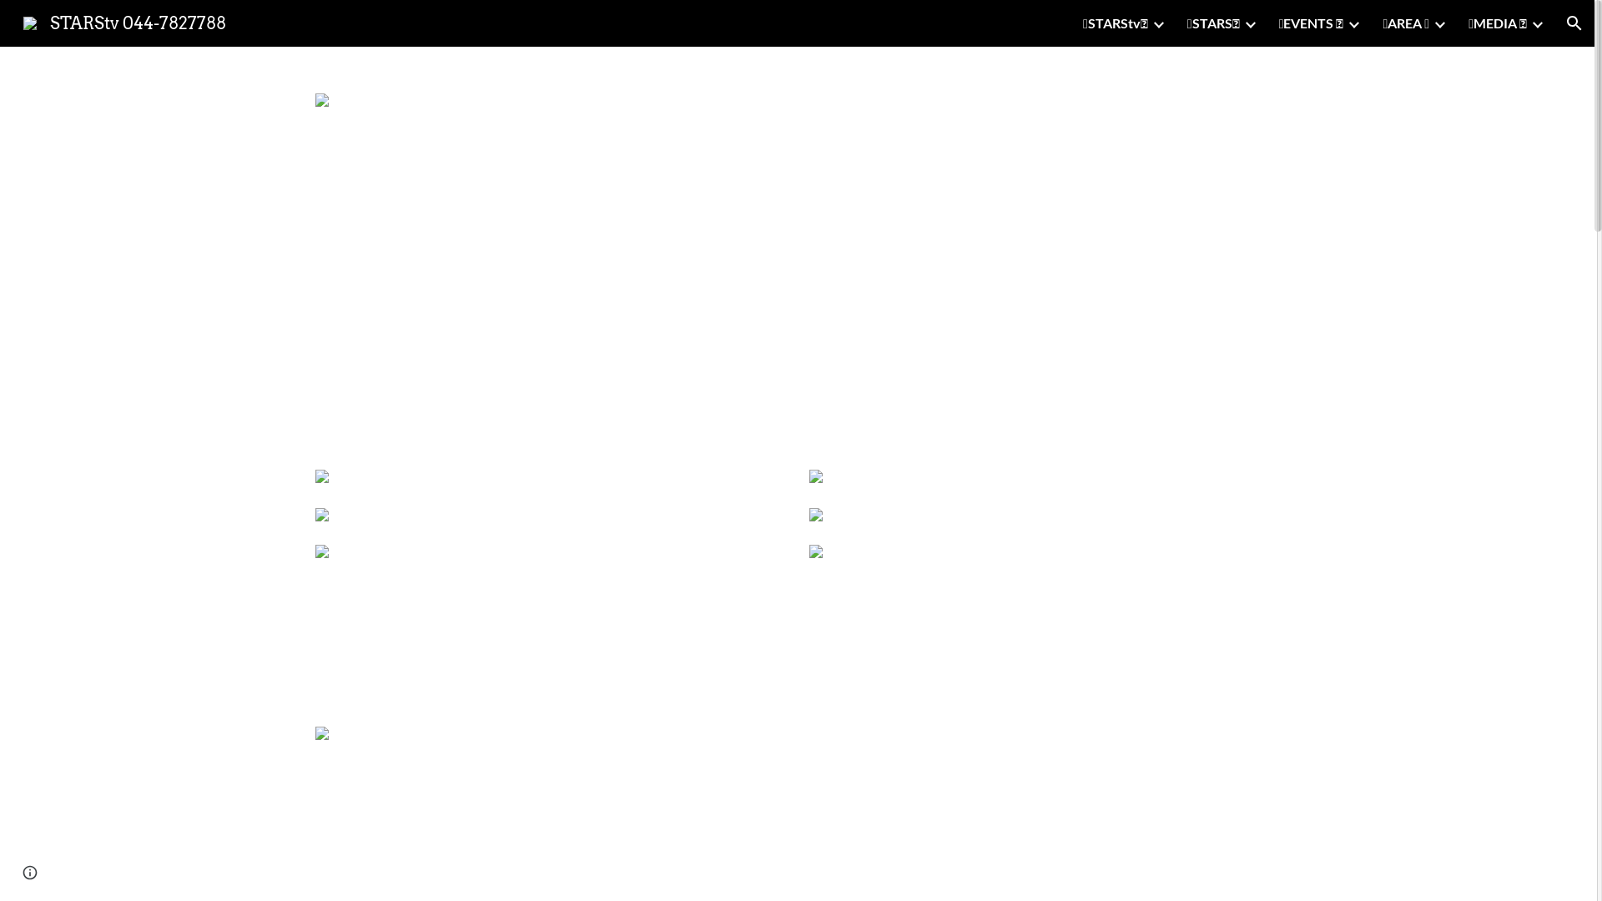 Image resolution: width=1602 pixels, height=901 pixels. Describe the element at coordinates (1438, 23) in the screenshot. I see `'Expand/Collapse'` at that location.